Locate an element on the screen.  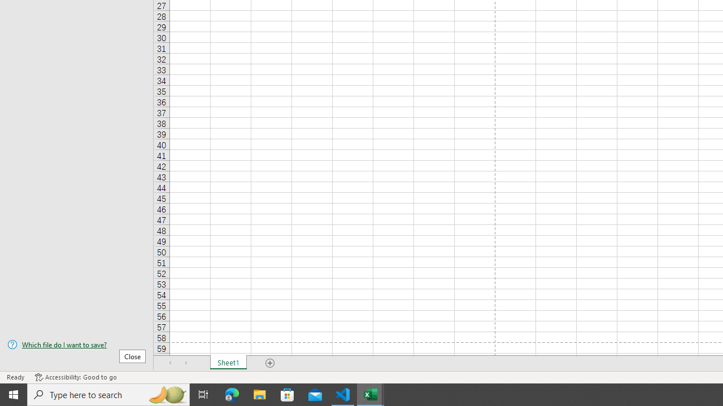
'Scroll Left' is located at coordinates (170, 363).